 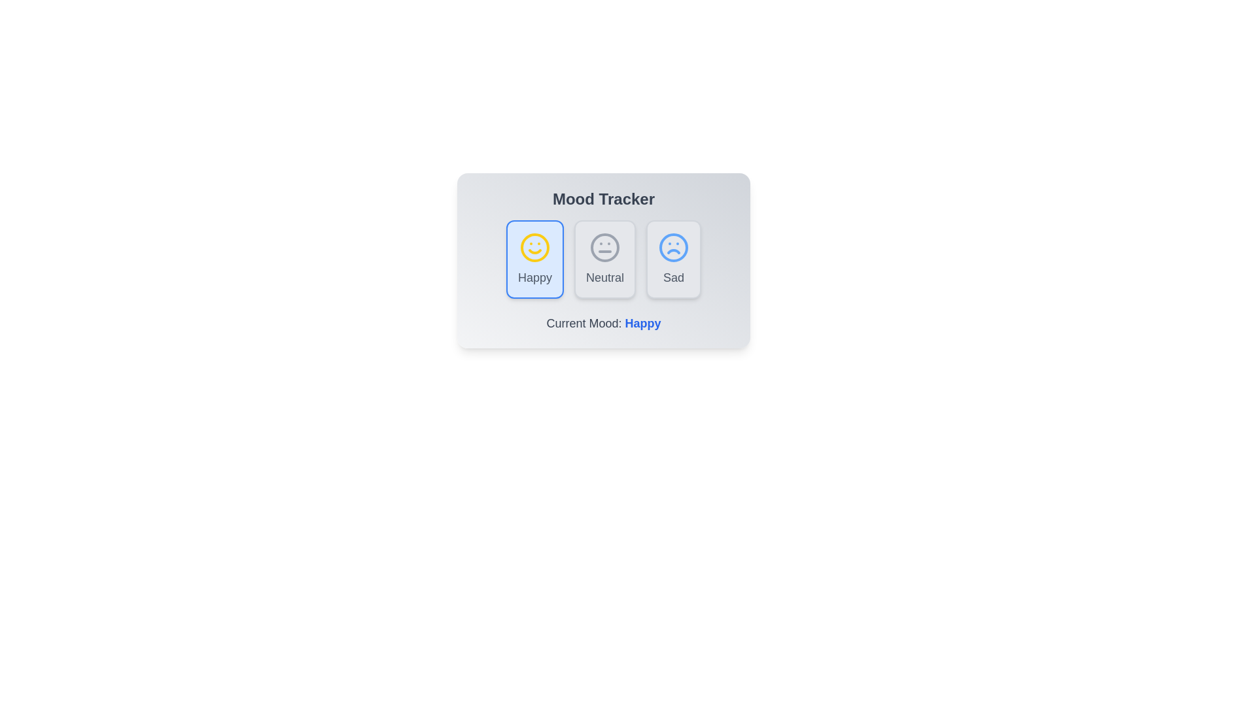 What do you see at coordinates (604, 260) in the screenshot?
I see `the mood button to select the mood Neutral` at bounding box center [604, 260].